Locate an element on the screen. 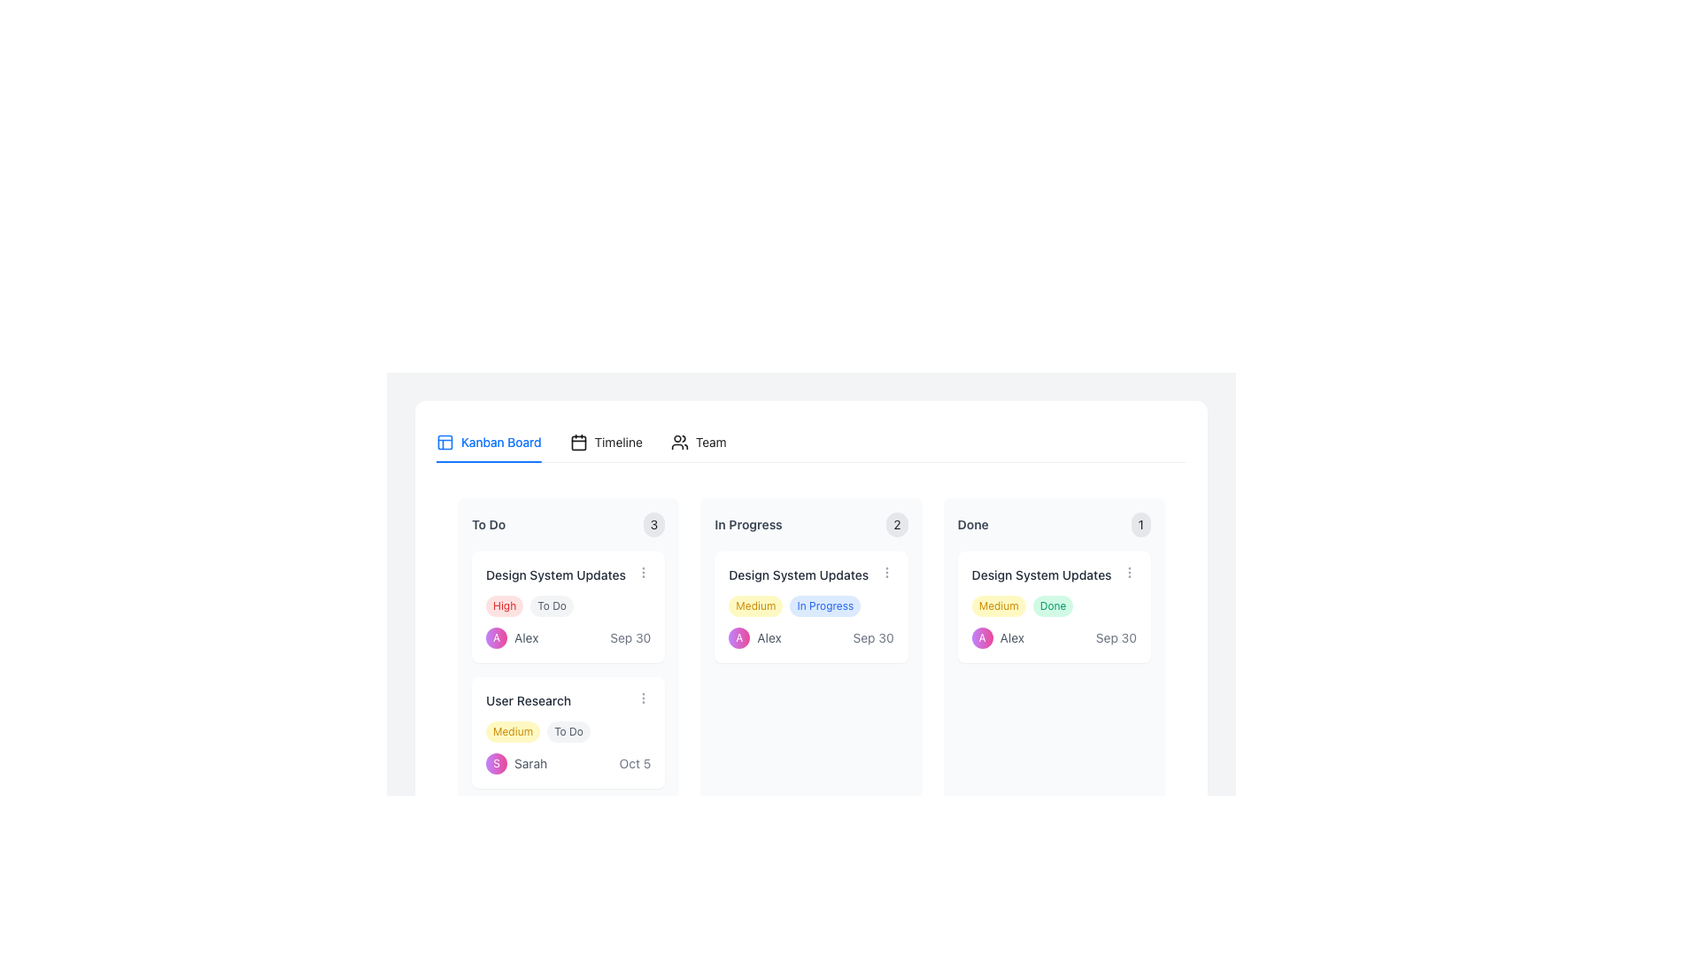  the badge-like component styled as a text label with the numeral '1' in dark text, located at the top right corner of the 'Done' column in the Kanban board layout is located at coordinates (1140, 524).